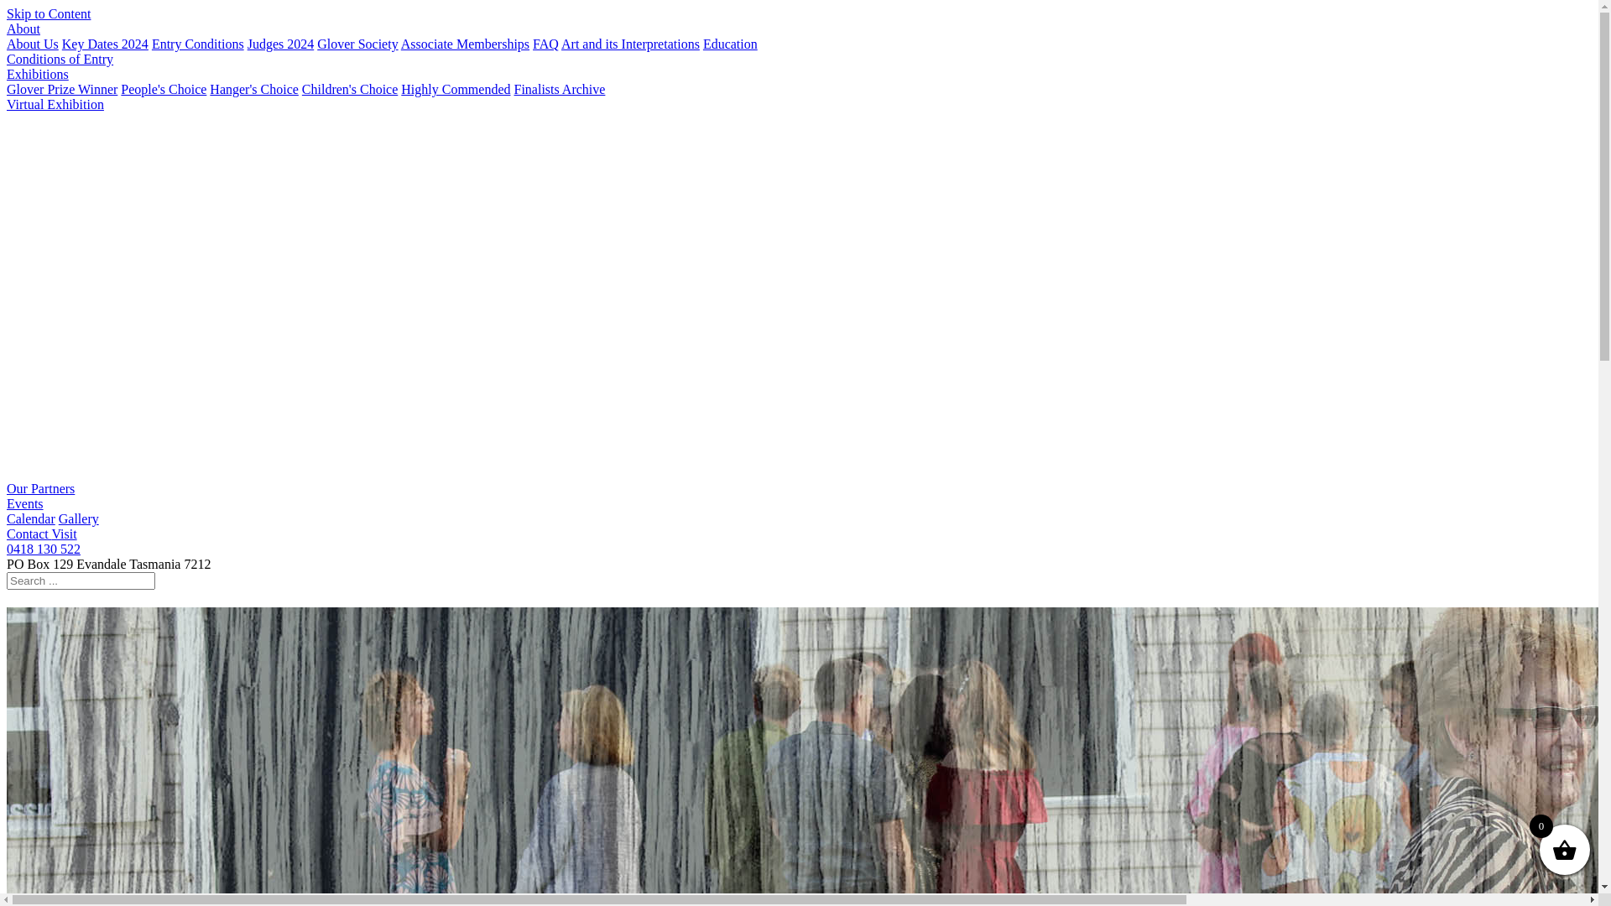 The width and height of the screenshot is (1611, 906). I want to click on 'Highly Commended', so click(455, 89).